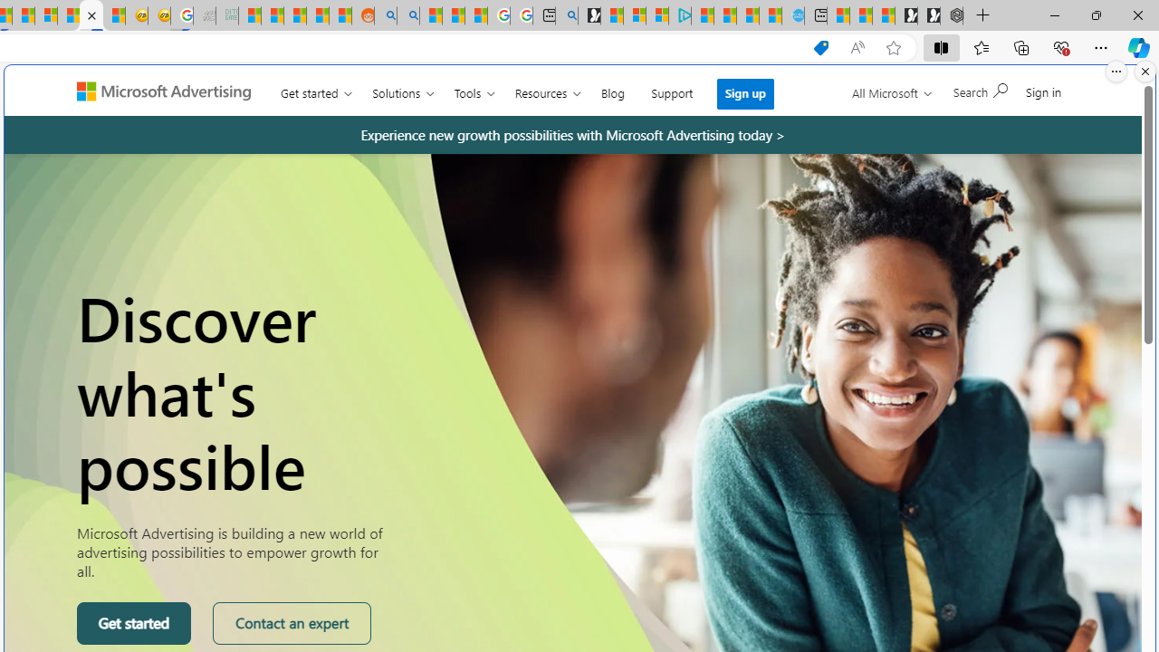  Describe the element at coordinates (1116, 71) in the screenshot. I see `'More options.'` at that location.